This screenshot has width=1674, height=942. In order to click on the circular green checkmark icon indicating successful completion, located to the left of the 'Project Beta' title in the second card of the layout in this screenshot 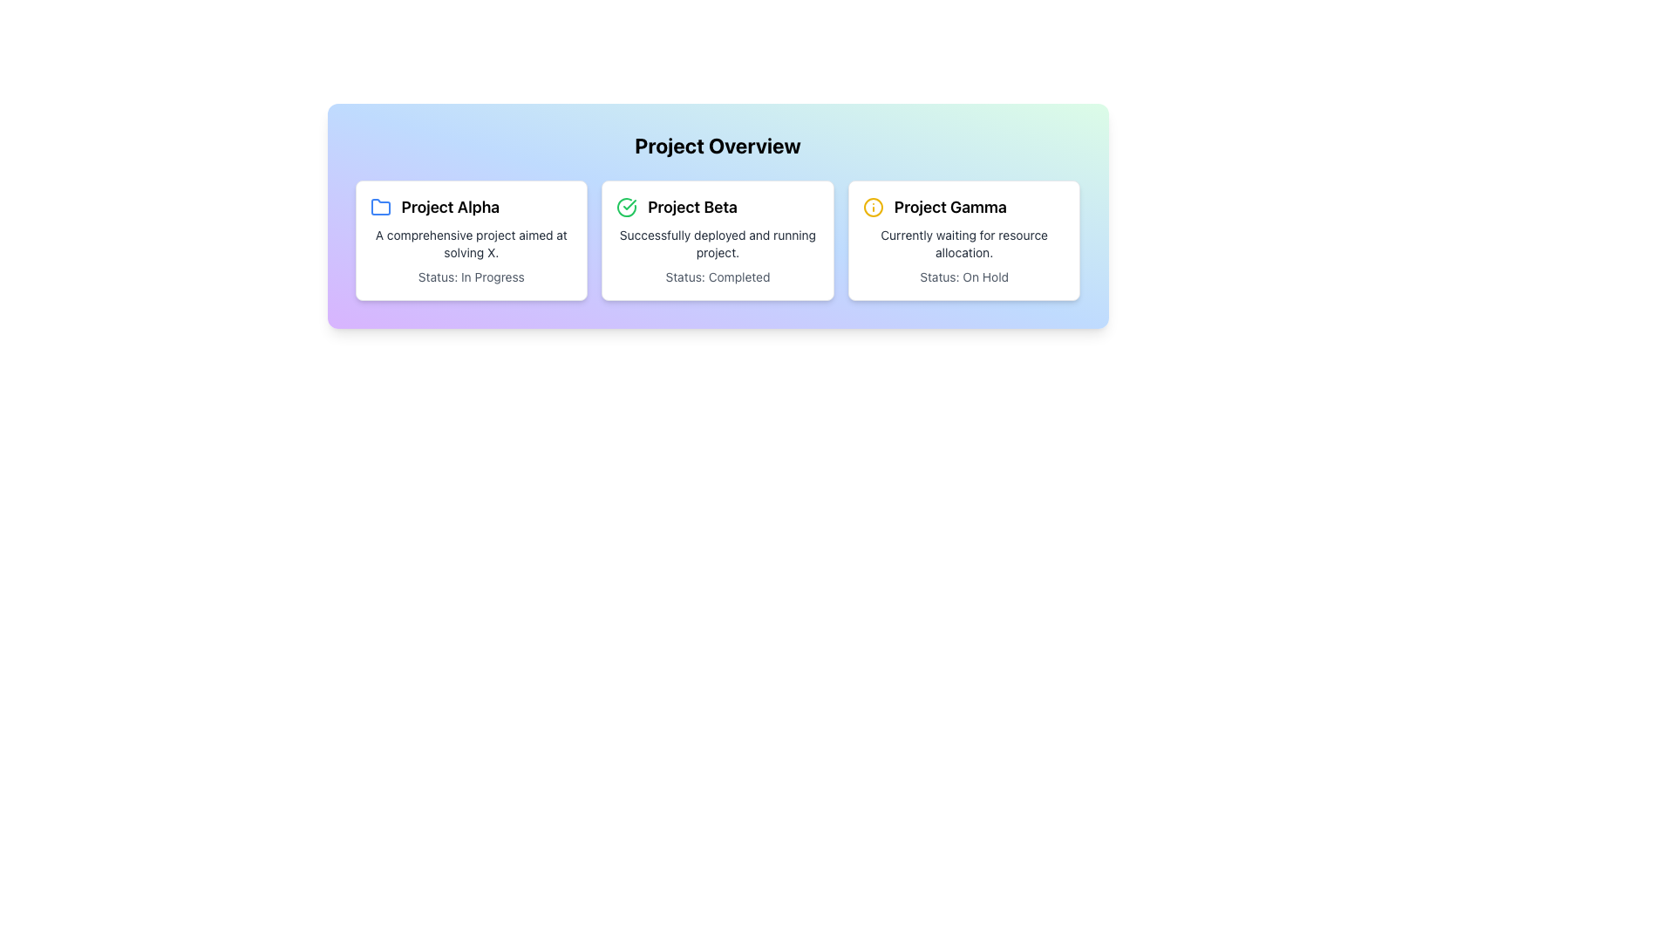, I will do `click(627, 207)`.